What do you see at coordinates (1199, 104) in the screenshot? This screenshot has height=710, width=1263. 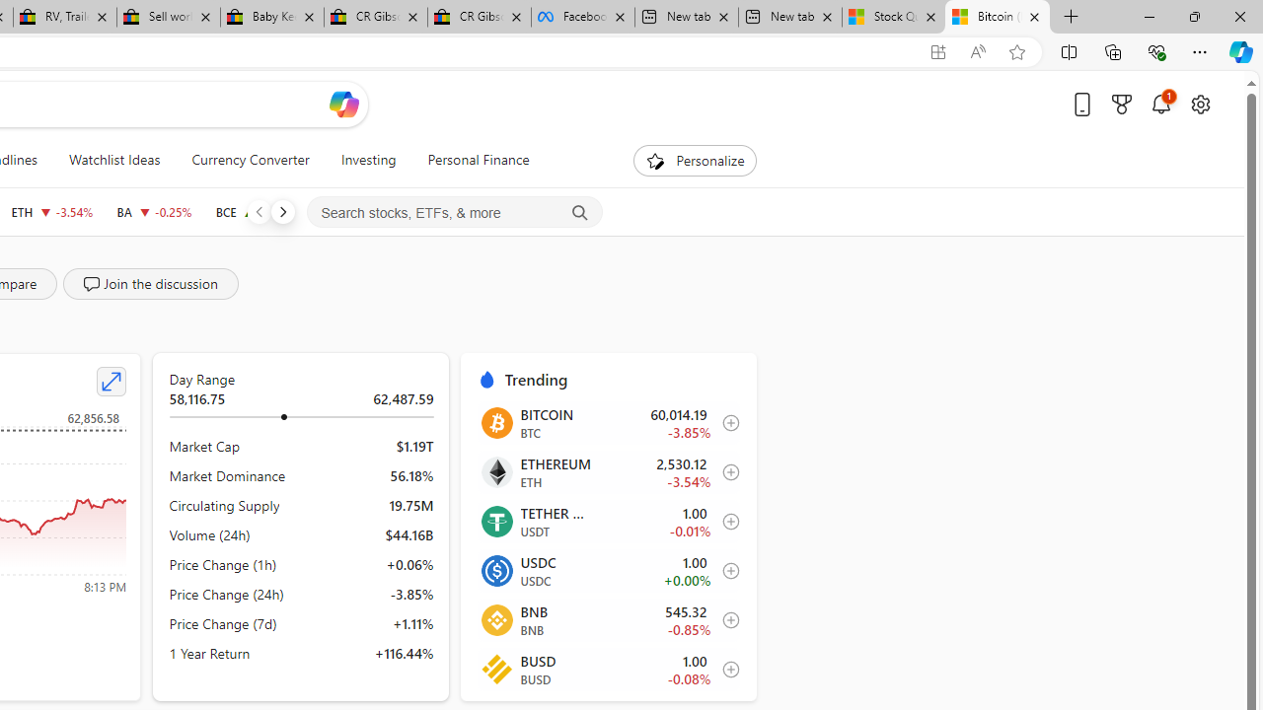 I see `'Open settings'` at bounding box center [1199, 104].